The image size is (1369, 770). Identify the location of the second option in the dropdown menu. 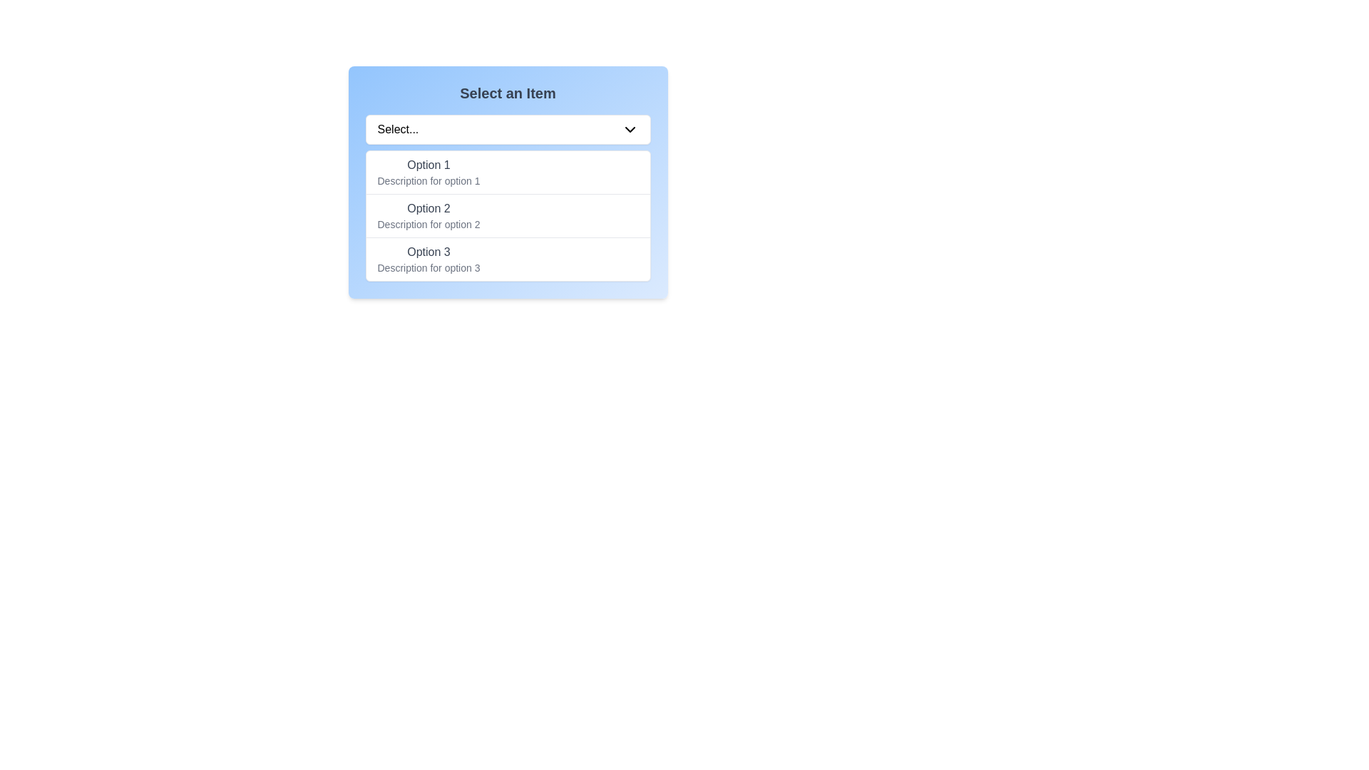
(428, 216).